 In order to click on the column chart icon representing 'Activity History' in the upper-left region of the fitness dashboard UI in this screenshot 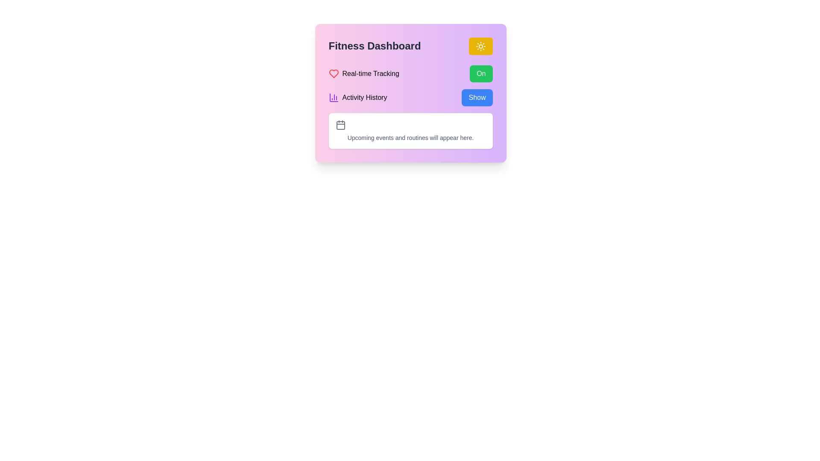, I will do `click(333, 97)`.